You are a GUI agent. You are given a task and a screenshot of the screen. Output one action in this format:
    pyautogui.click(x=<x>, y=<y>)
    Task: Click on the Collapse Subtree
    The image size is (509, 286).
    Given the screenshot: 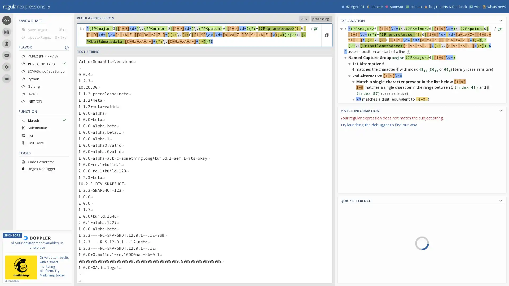 What is the action you would take?
    pyautogui.click(x=350, y=142)
    